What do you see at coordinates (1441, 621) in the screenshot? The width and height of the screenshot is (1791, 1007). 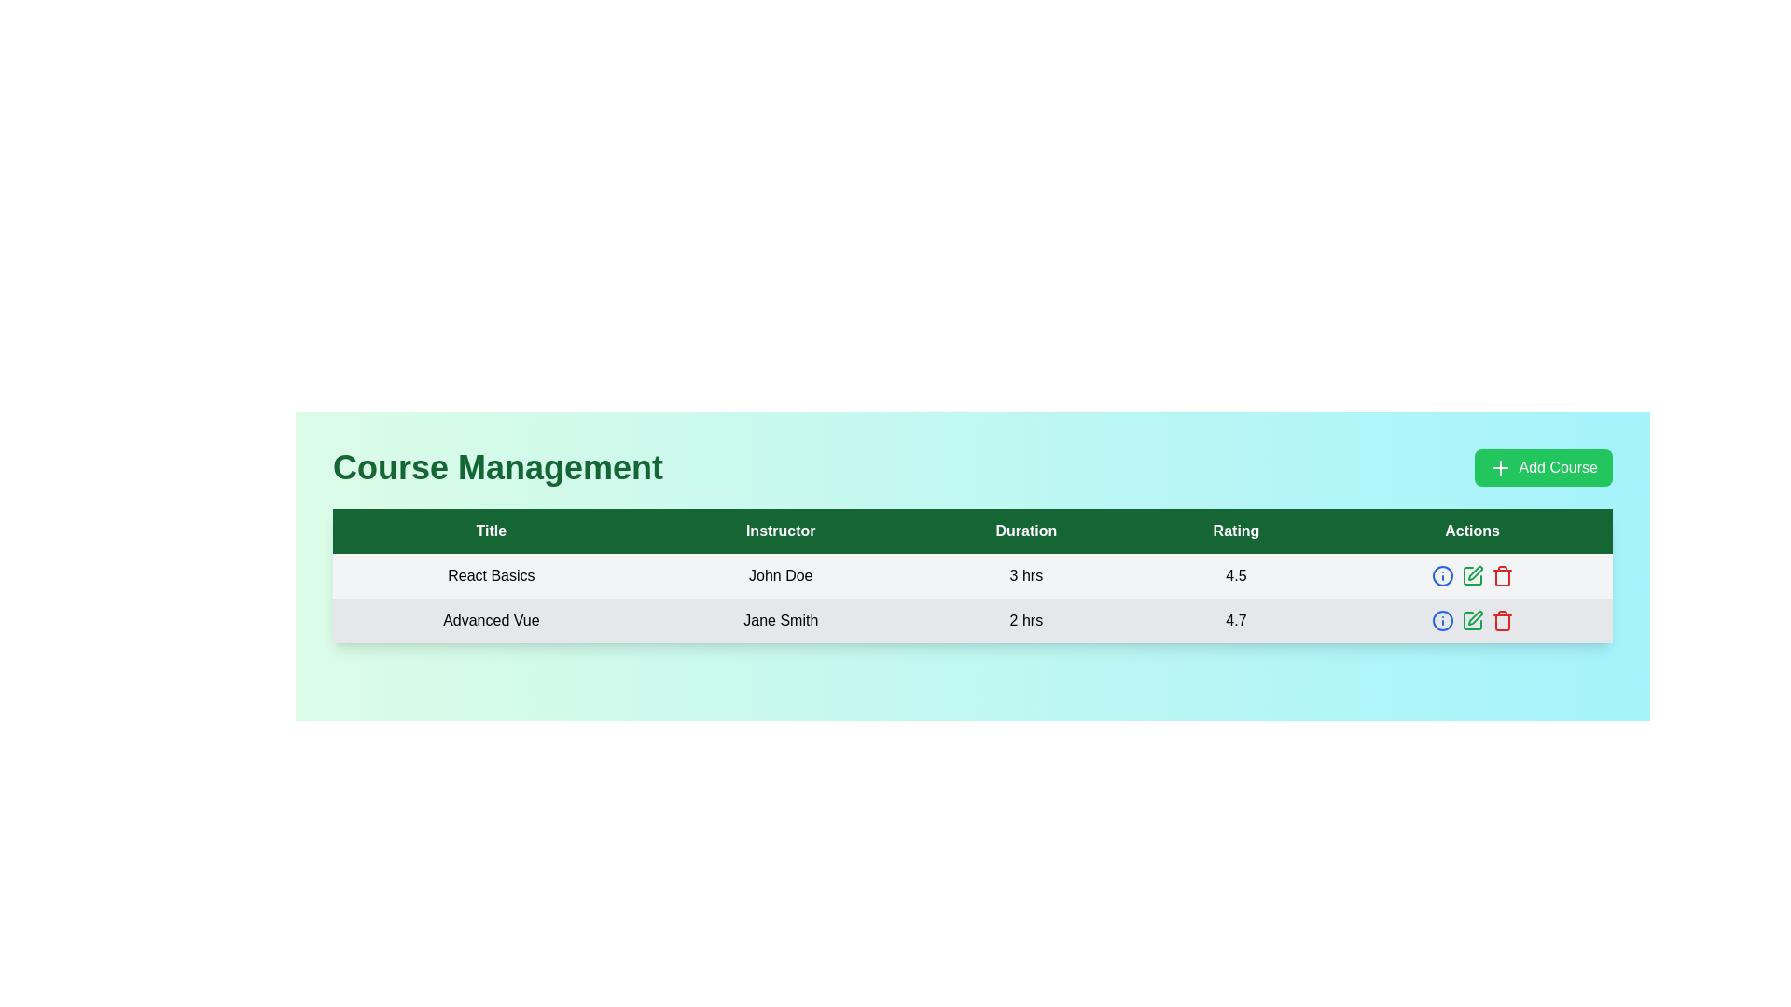 I see `the circular outline SVG icon with a blue stroke in the 'Actions' column of the second row for the 'Advanced Vue' course` at bounding box center [1441, 621].